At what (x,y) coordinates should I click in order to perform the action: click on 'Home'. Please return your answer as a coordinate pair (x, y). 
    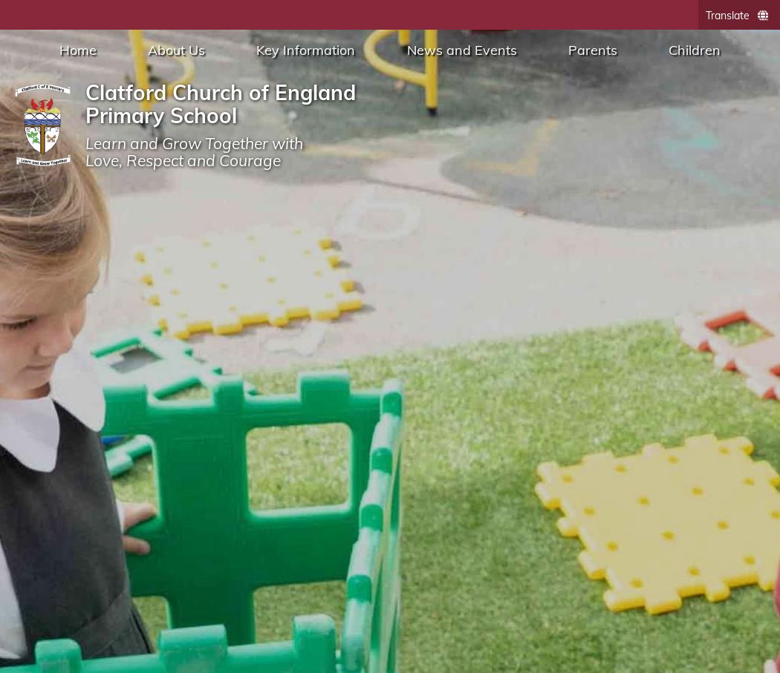
    Looking at the image, I should click on (58, 50).